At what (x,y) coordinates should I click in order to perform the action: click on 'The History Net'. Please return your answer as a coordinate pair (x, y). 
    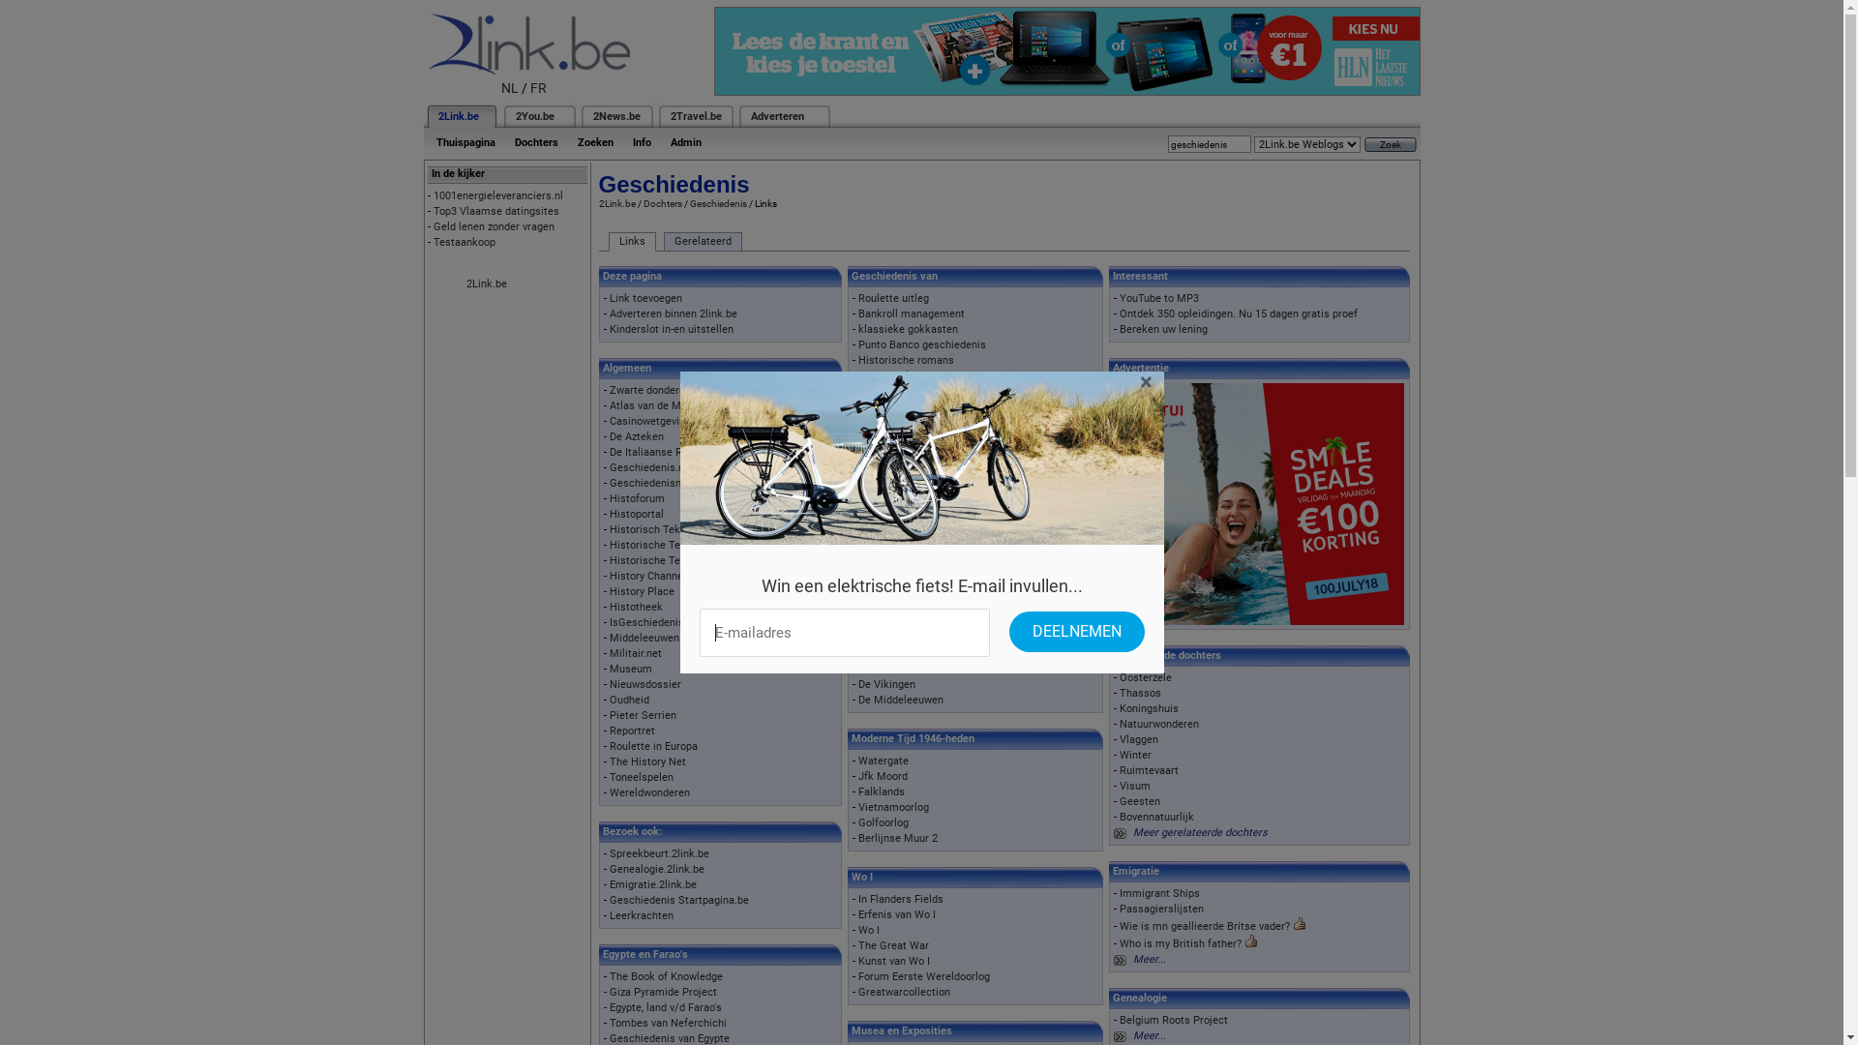
    Looking at the image, I should click on (647, 761).